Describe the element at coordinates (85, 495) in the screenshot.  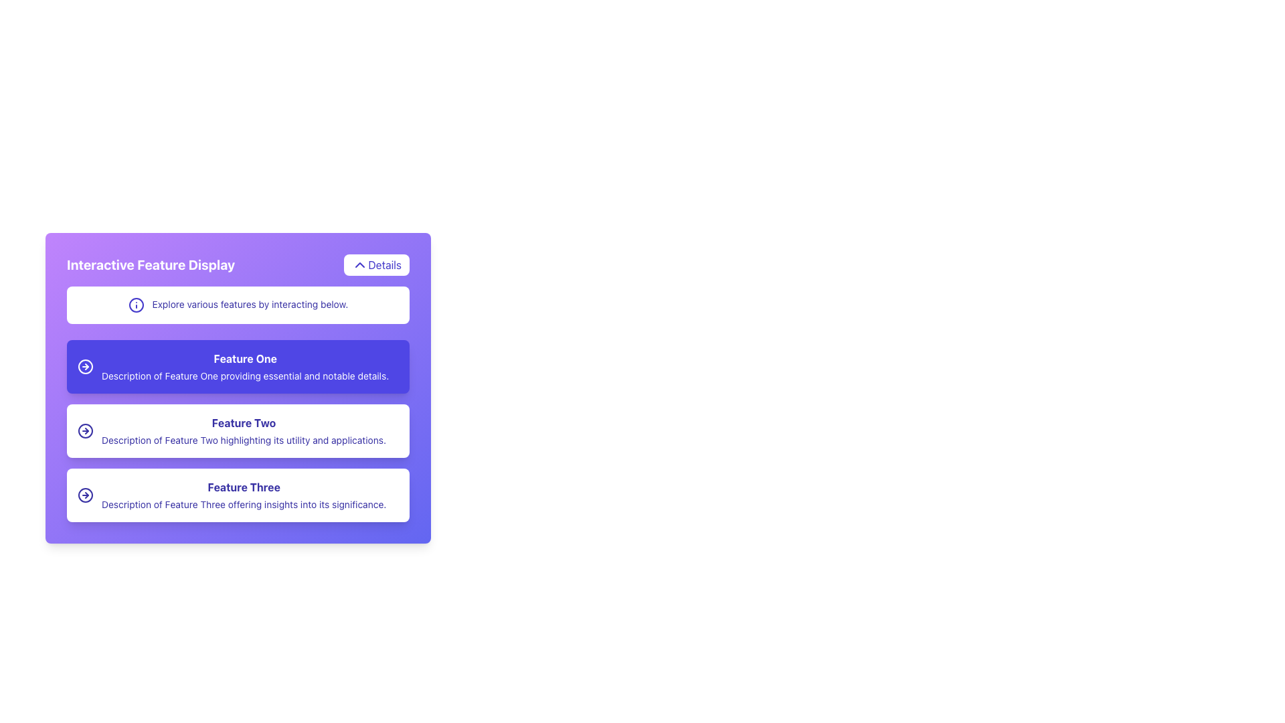
I see `the purple arrow icon button, which is an outline style and located to the left of the 'Feature Three' description` at that location.